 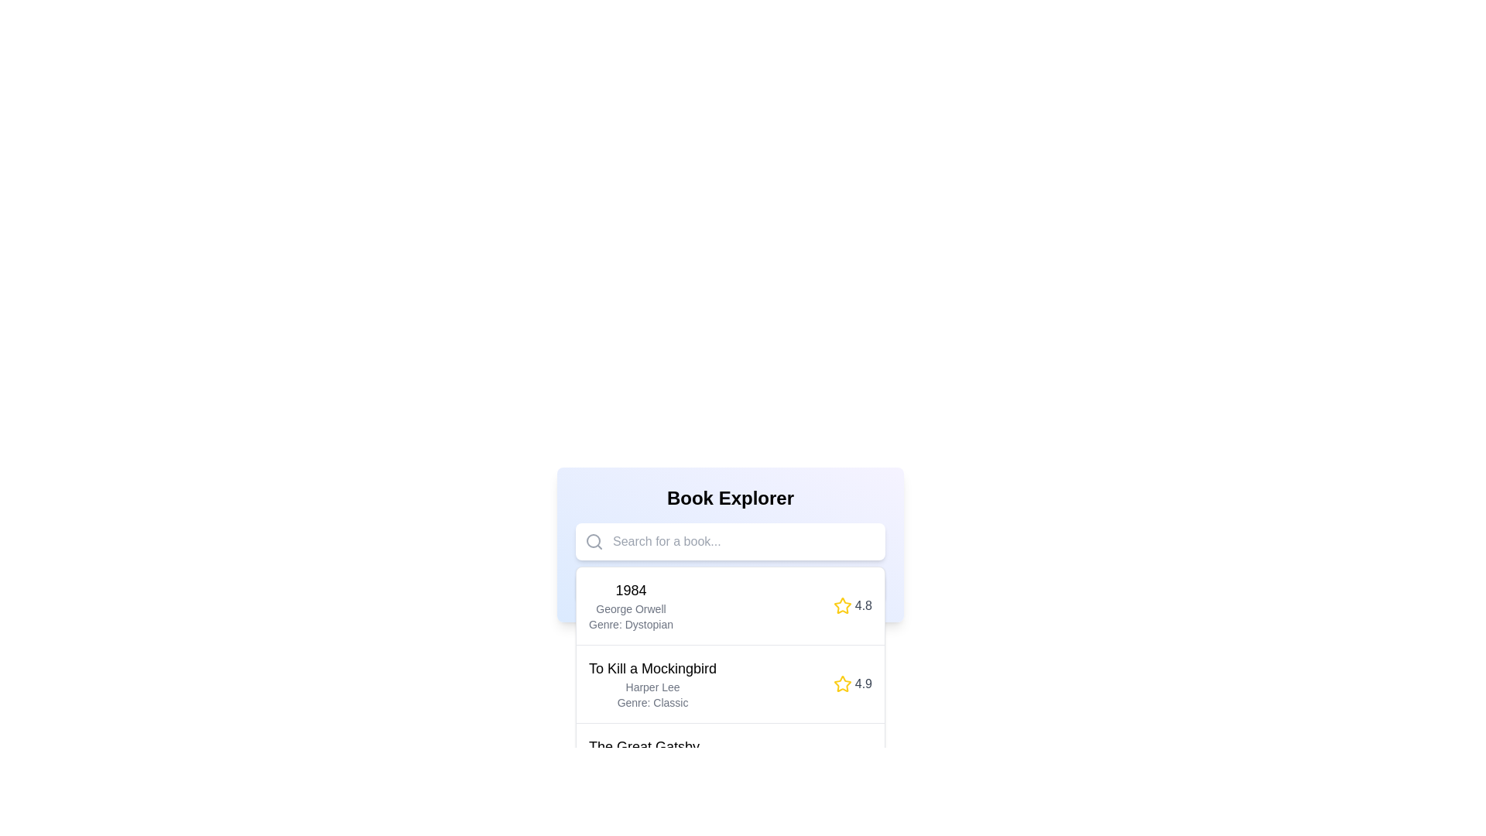 I want to click on yellow star icon that is part of the rating display for the book '1984', which has a numeric rating of '4.8' next to it, so click(x=841, y=605).